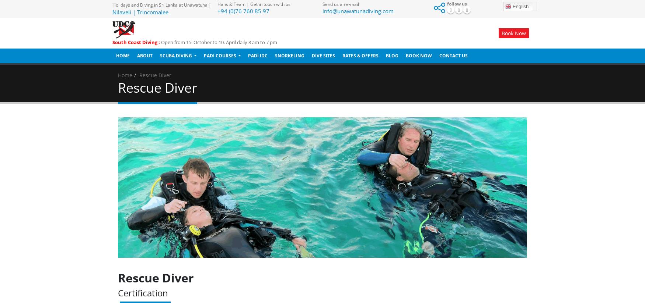 The image size is (645, 303). I want to click on 'info@unawatunadiving.com', so click(358, 10).